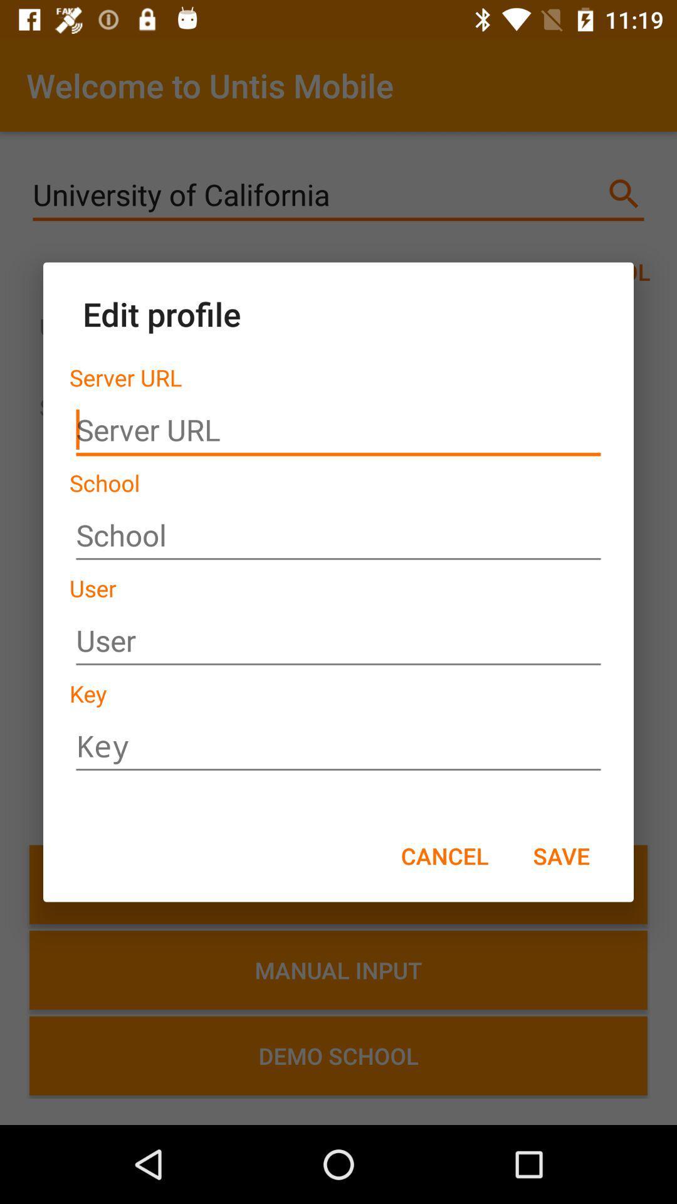 The image size is (677, 1204). What do you see at coordinates (338, 430) in the screenshot?
I see `insert url` at bounding box center [338, 430].